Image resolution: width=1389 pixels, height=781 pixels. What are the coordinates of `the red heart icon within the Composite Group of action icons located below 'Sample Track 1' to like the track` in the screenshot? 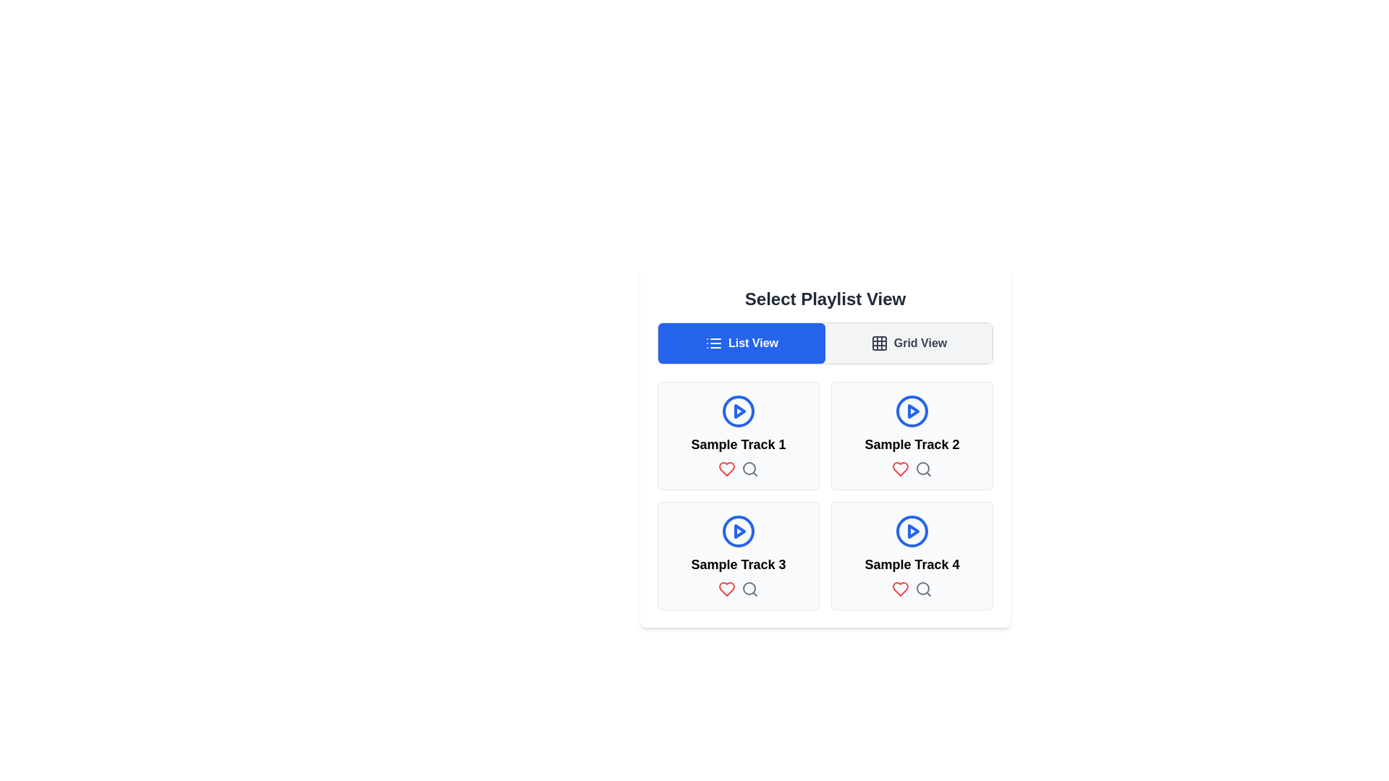 It's located at (739, 469).